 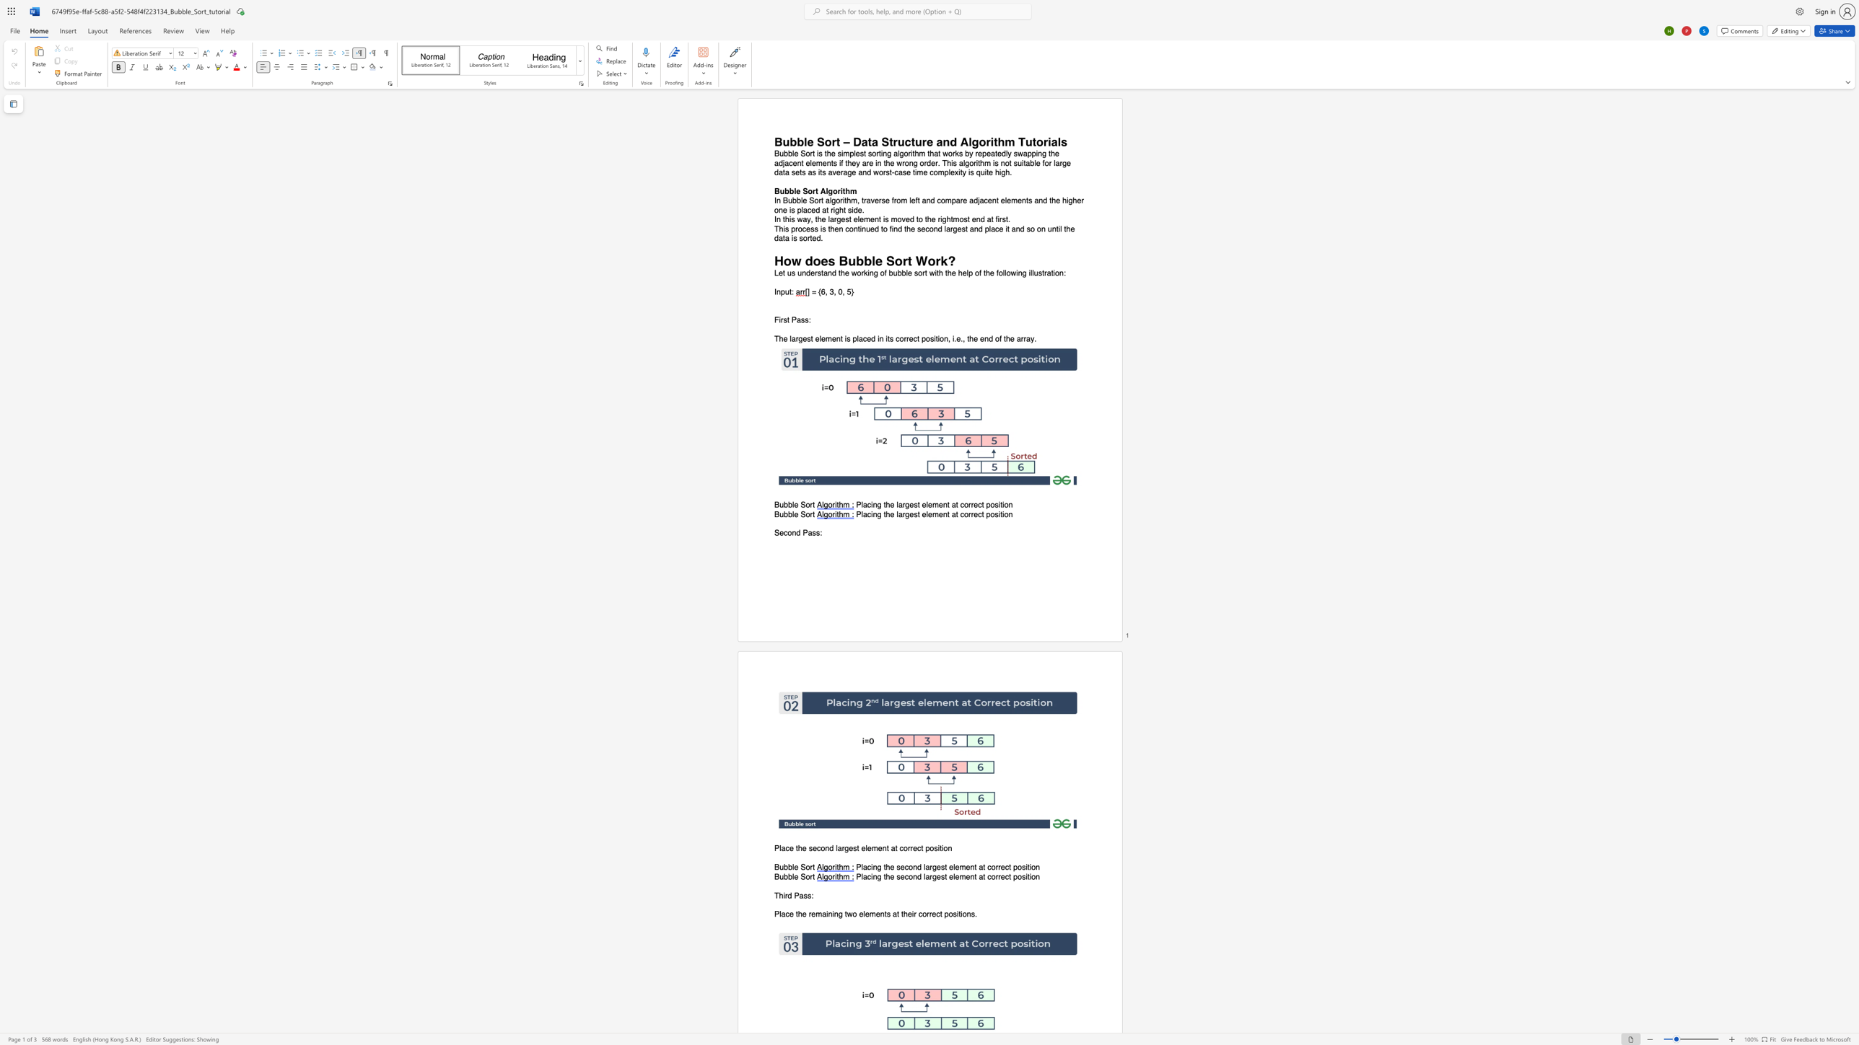 I want to click on the space between the continuous character "u" and "e" in the text, so click(x=870, y=228).